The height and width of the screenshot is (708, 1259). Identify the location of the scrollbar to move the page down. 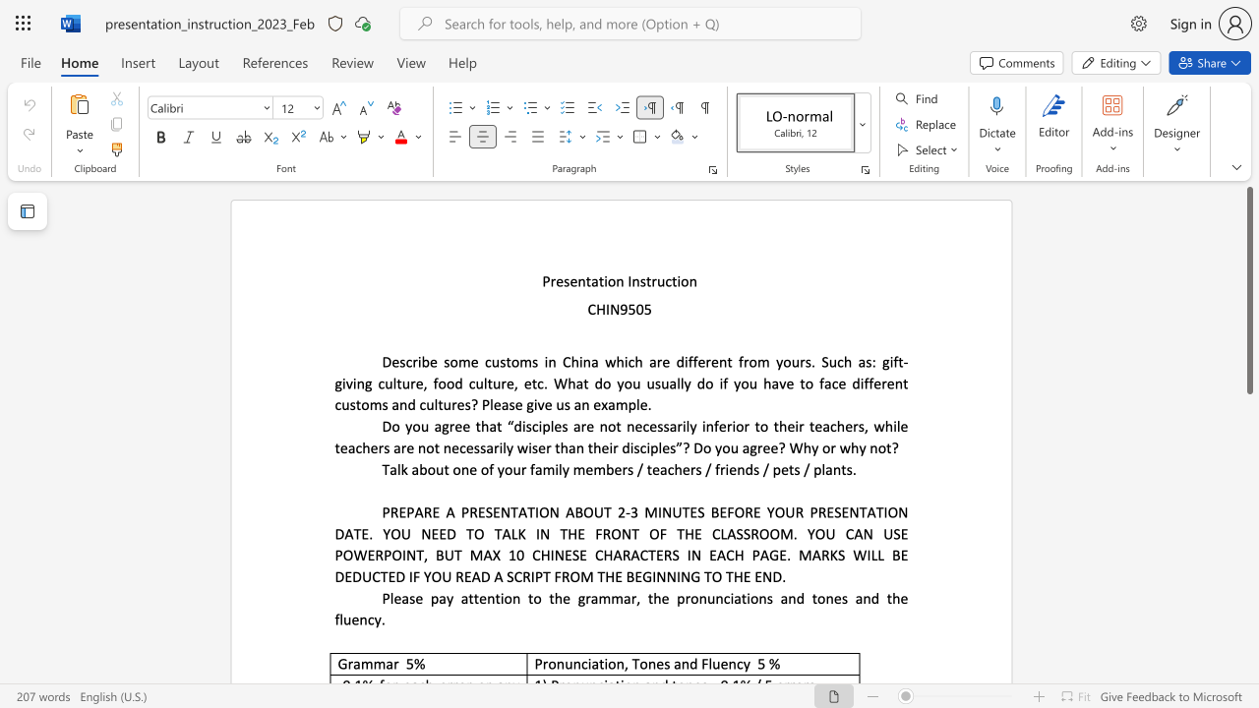
(1248, 667).